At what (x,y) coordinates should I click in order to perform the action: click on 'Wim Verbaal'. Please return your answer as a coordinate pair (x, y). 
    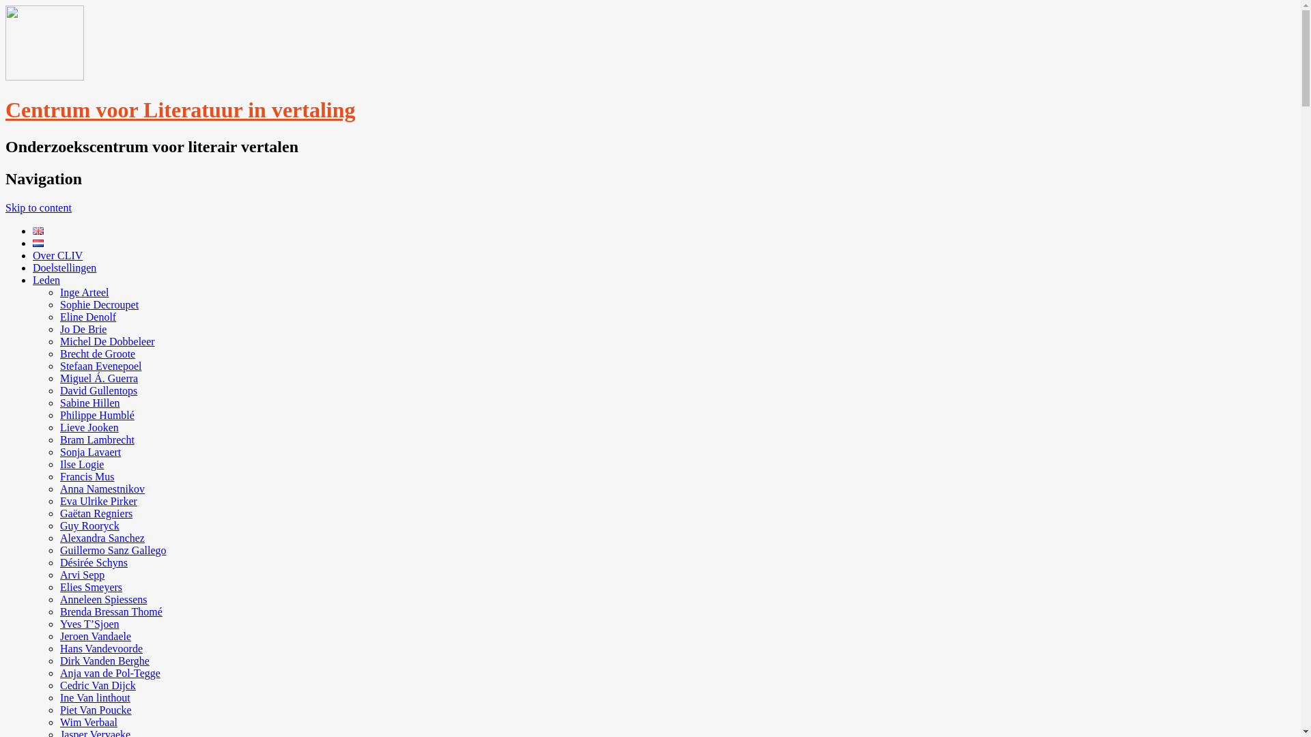
    Looking at the image, I should click on (59, 721).